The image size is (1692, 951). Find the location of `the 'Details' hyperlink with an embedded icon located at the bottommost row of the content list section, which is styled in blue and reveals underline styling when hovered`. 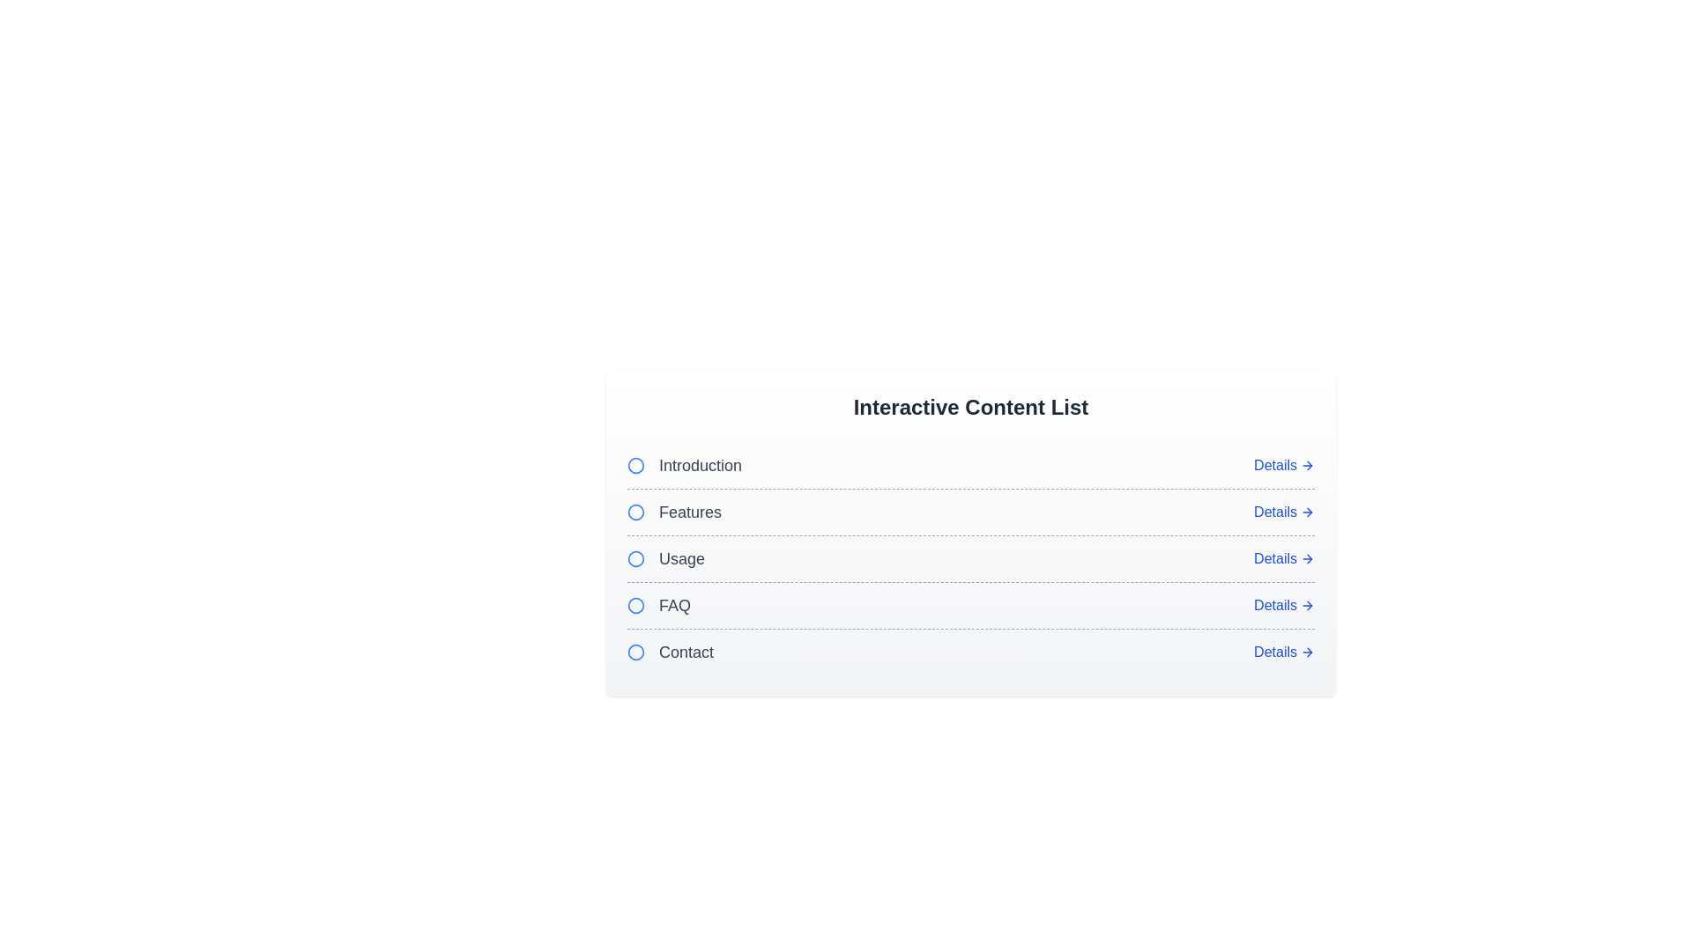

the 'Details' hyperlink with an embedded icon located at the bottommost row of the content list section, which is styled in blue and reveals underline styling when hovered is located at coordinates (1284, 652).